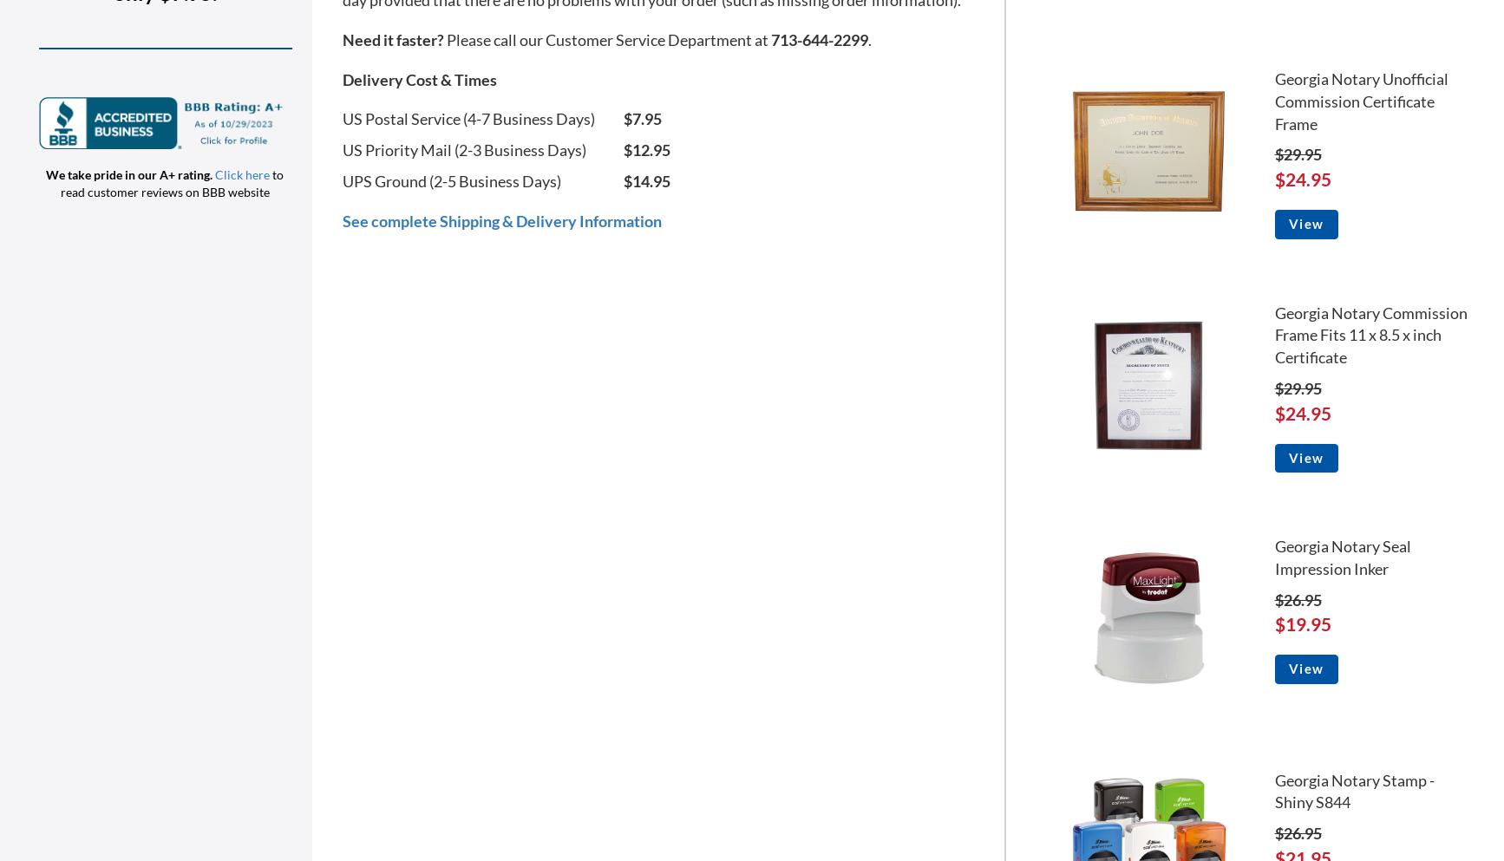 This screenshot has width=1504, height=861. Describe the element at coordinates (645, 148) in the screenshot. I see `'$12.95'` at that location.